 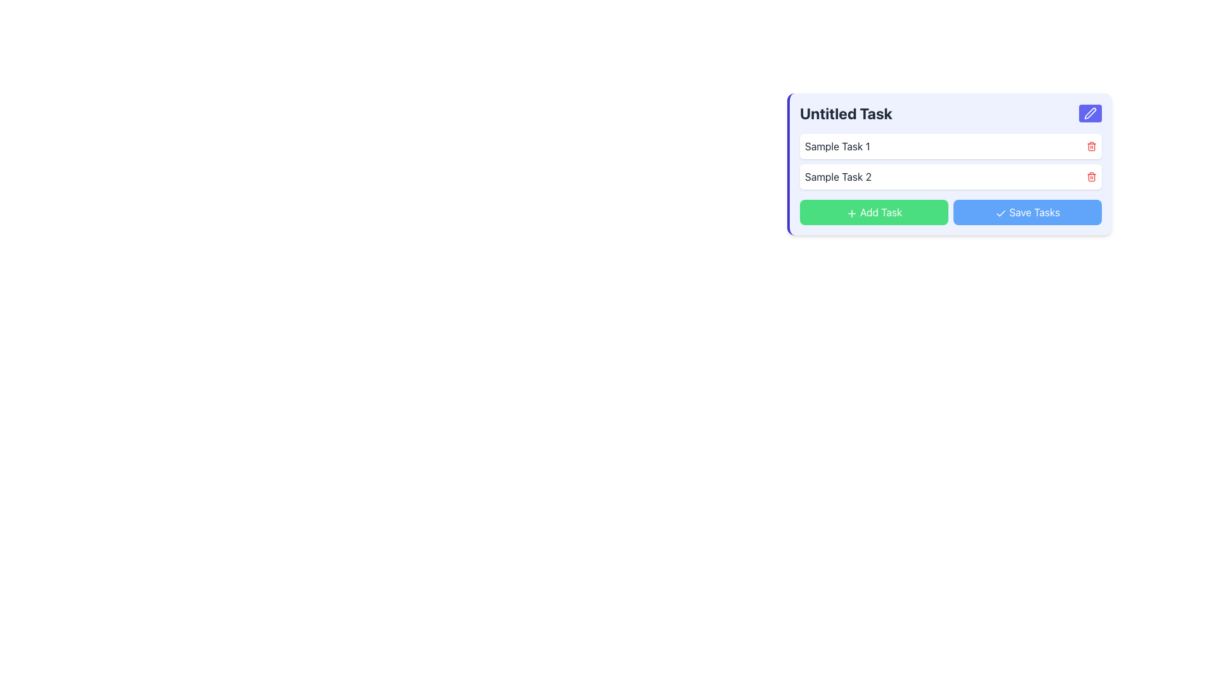 I want to click on the 'Save Tasks' button, which is a blue button with white text and a check mark icon, located at the bottom of the task interface panel, so click(x=1028, y=212).